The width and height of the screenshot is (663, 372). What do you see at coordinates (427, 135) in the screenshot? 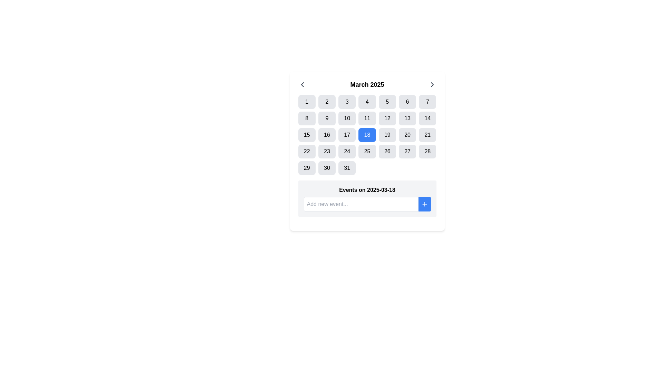
I see `the button representing the date 21 on the calendar for March 2025` at bounding box center [427, 135].